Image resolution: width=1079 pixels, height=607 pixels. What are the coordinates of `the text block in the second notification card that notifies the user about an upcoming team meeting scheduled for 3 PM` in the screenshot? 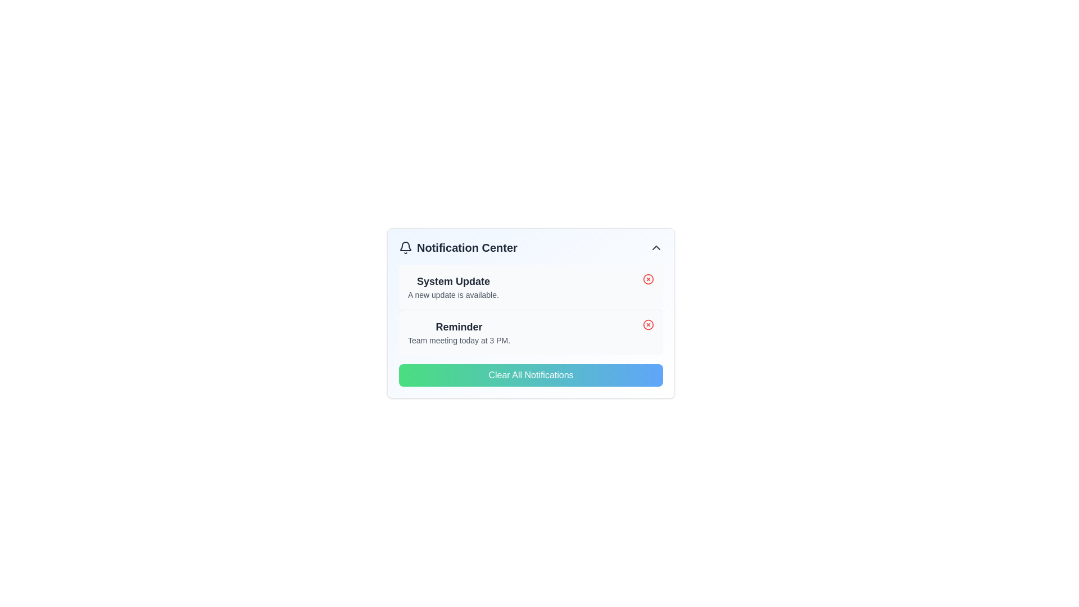 It's located at (459, 332).